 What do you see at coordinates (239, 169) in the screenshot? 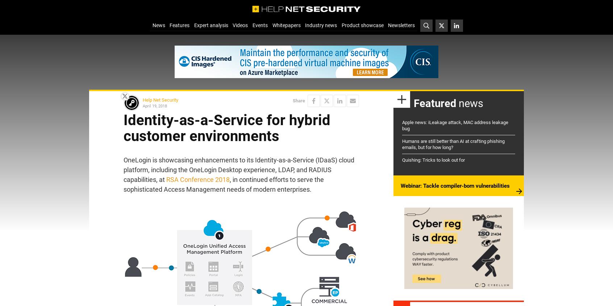
I see `'OneLogin is showcasing enhancements to its Identity-as-a-Service (IDaaS) cloud platform, including the OneLogin Desktop experience, LDAP, and RADIUS capabilities, at'` at bounding box center [239, 169].